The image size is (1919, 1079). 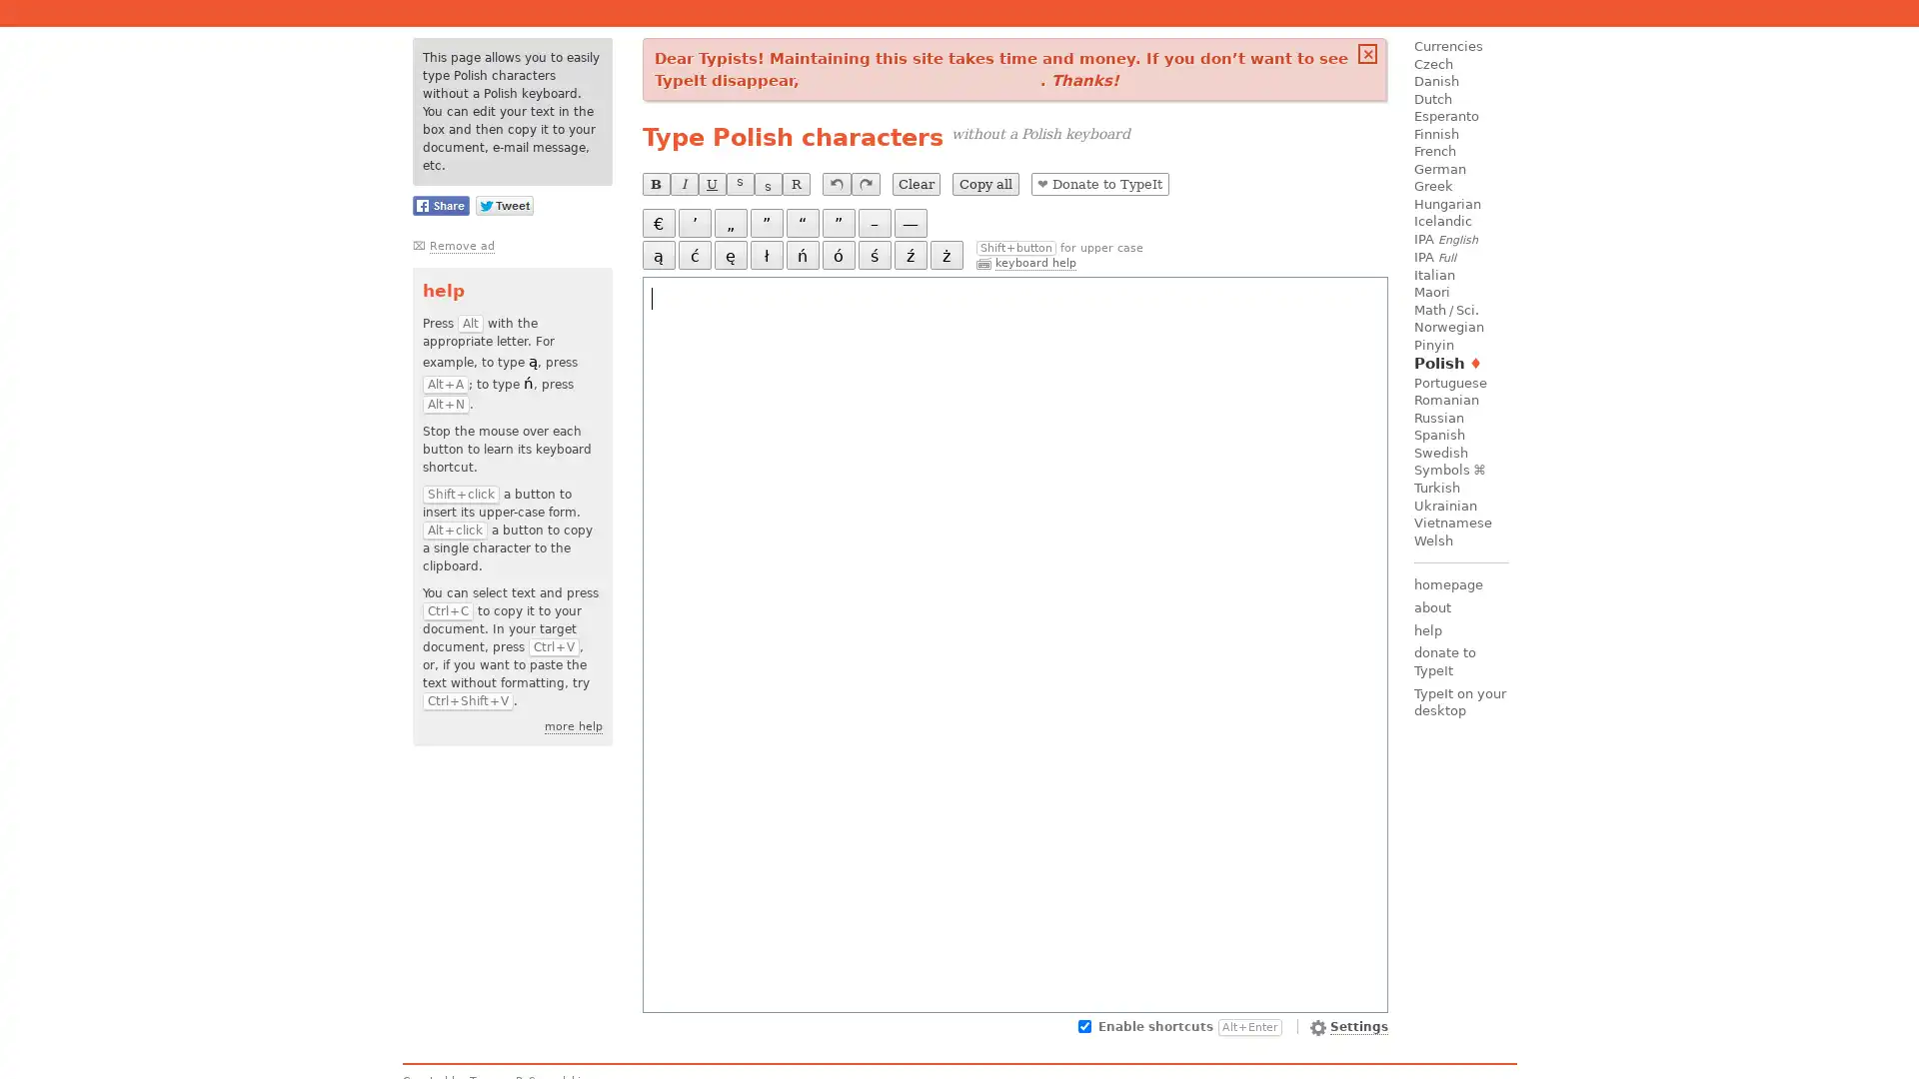 I want to click on U, so click(x=711, y=184).